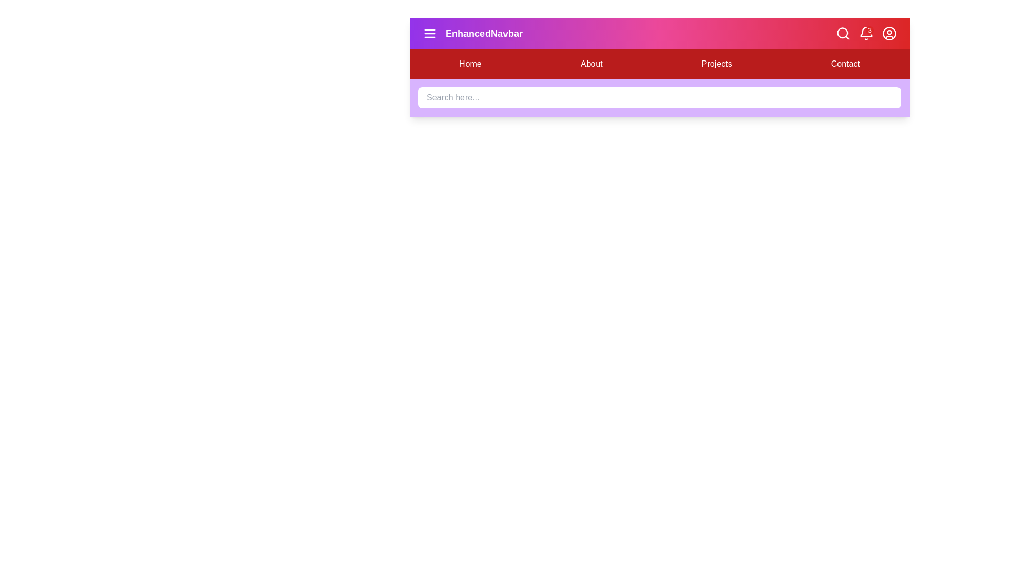 This screenshot has width=1010, height=568. Describe the element at coordinates (845, 64) in the screenshot. I see `the navigation link Contact` at that location.